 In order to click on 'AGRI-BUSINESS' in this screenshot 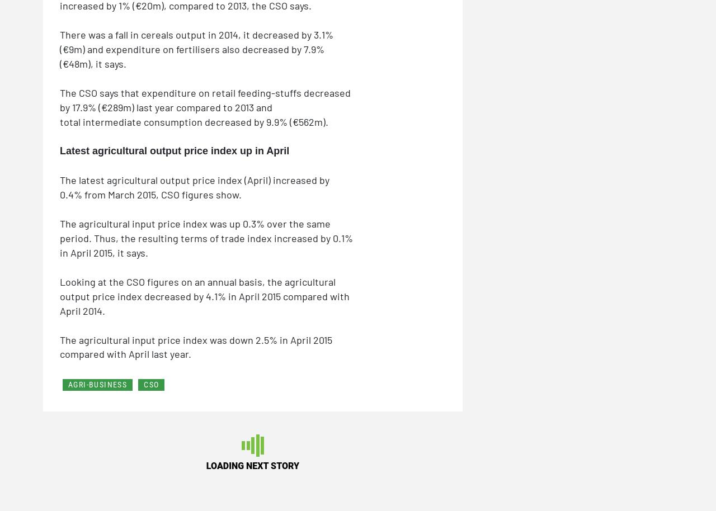, I will do `click(97, 384)`.